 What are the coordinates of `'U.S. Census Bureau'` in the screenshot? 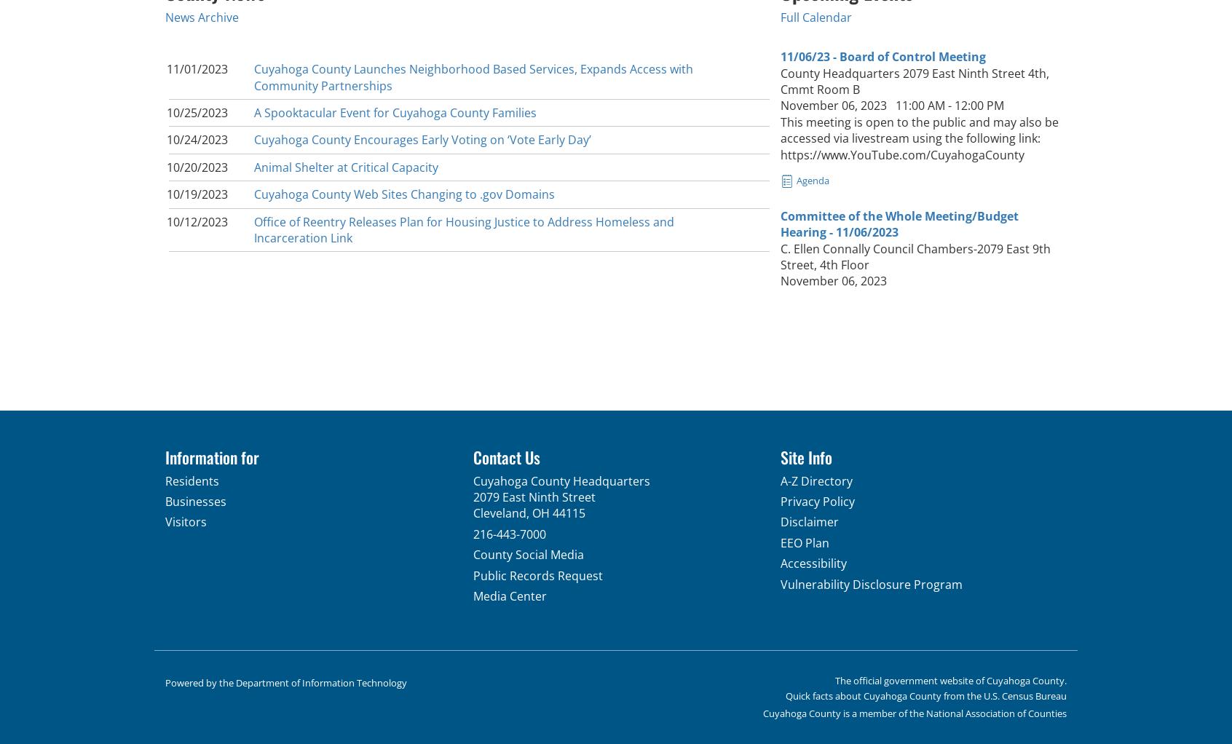 It's located at (1025, 694).